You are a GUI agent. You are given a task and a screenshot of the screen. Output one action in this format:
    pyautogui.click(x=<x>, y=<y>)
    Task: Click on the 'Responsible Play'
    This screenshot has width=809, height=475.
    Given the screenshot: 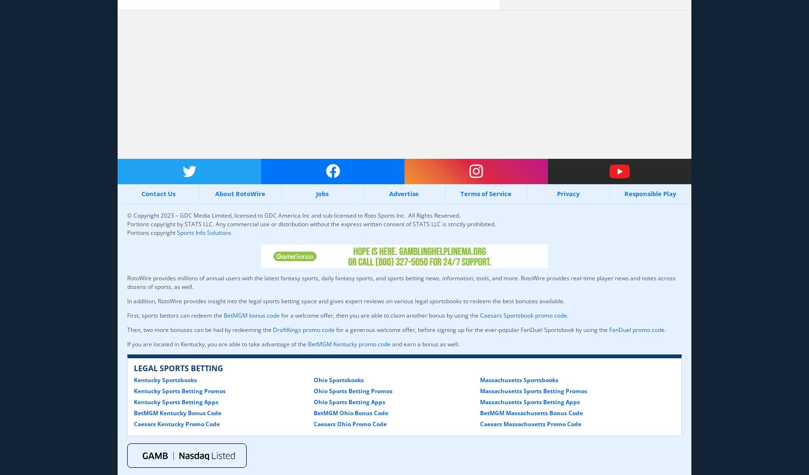 What is the action you would take?
    pyautogui.click(x=623, y=193)
    